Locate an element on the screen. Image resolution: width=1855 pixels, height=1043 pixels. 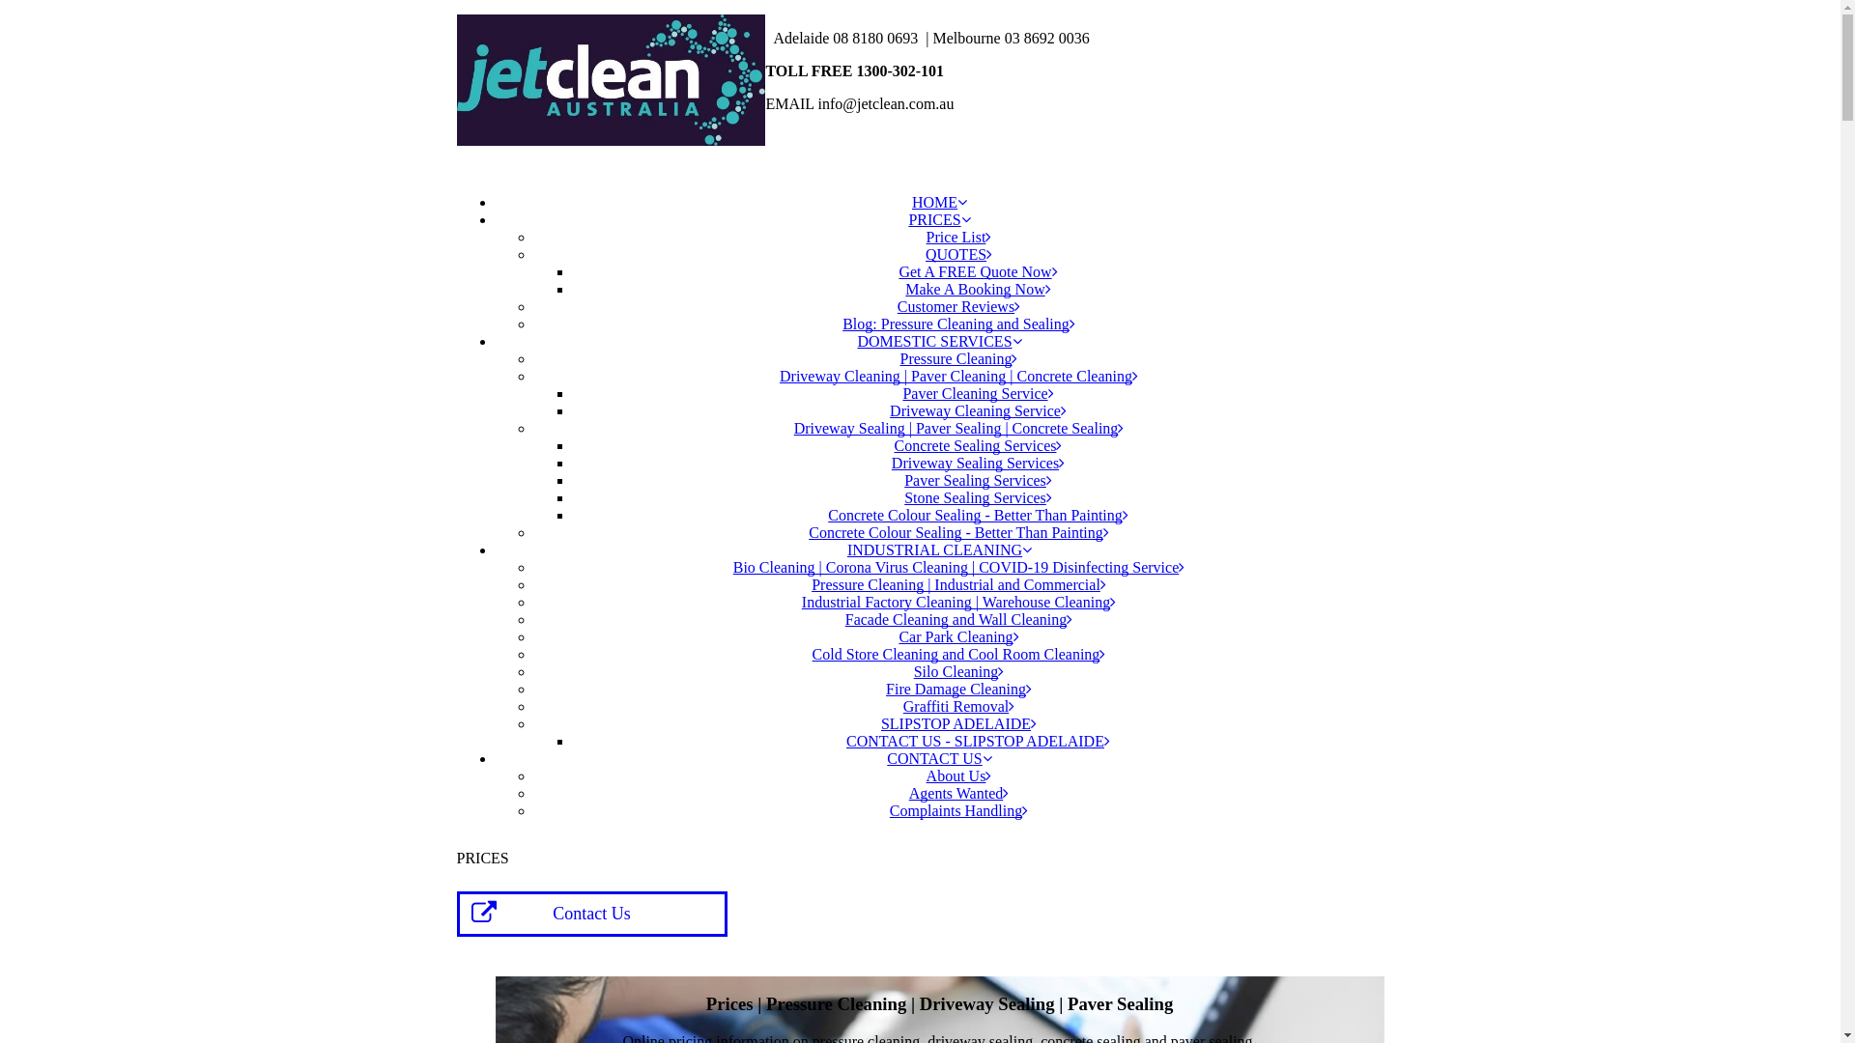
'Concrete Sealing Services' is located at coordinates (894, 445).